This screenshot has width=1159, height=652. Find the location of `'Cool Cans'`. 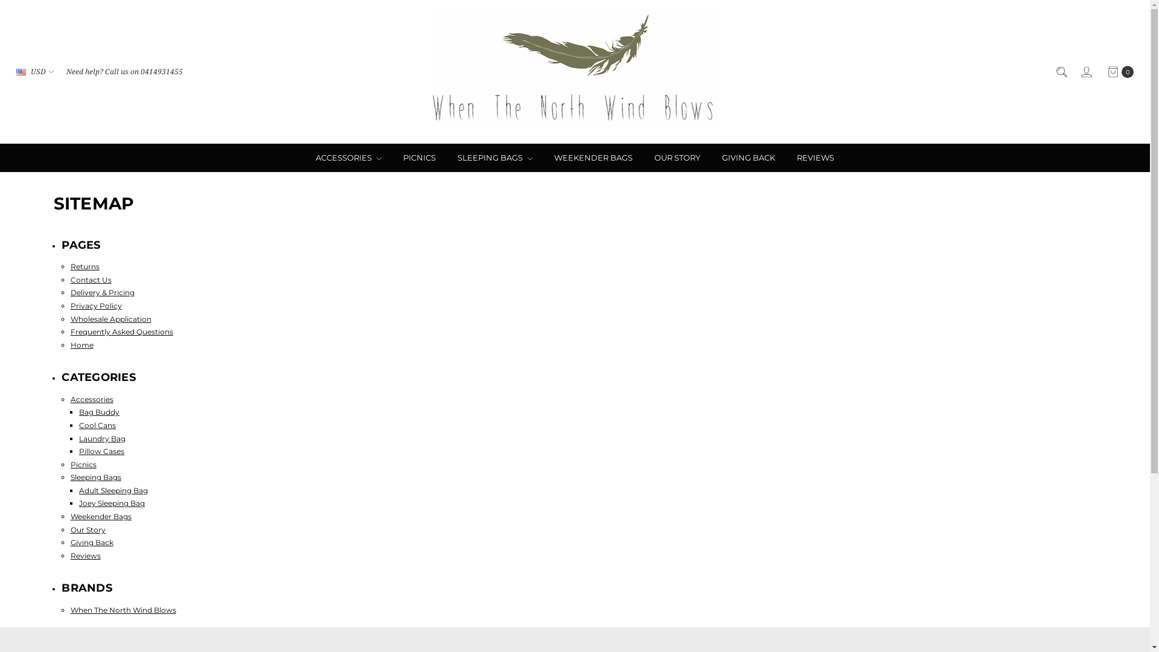

'Cool Cans' is located at coordinates (97, 424).